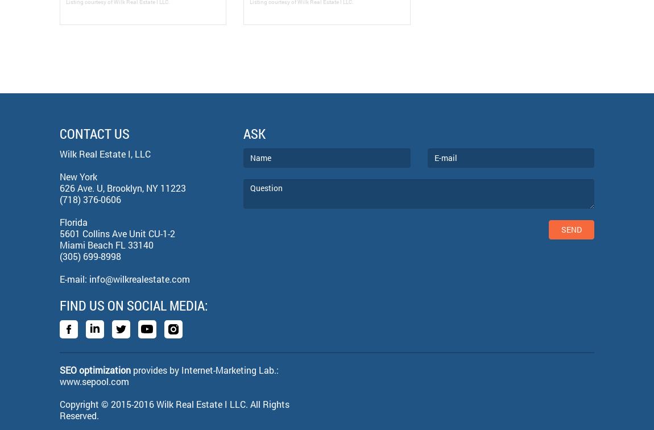  I want to click on 'Find Us on Social Media:', so click(133, 305).